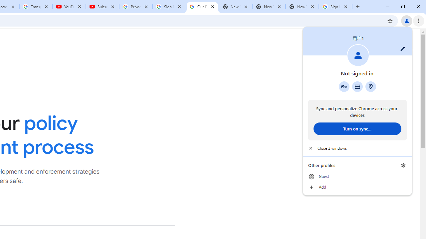 This screenshot has height=239, width=426. I want to click on 'Sign in - Google Accounts', so click(335, 7).